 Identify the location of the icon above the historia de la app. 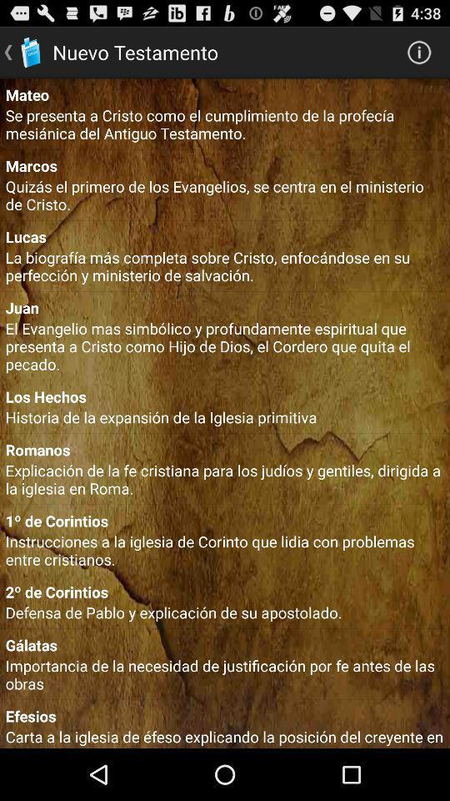
(225, 396).